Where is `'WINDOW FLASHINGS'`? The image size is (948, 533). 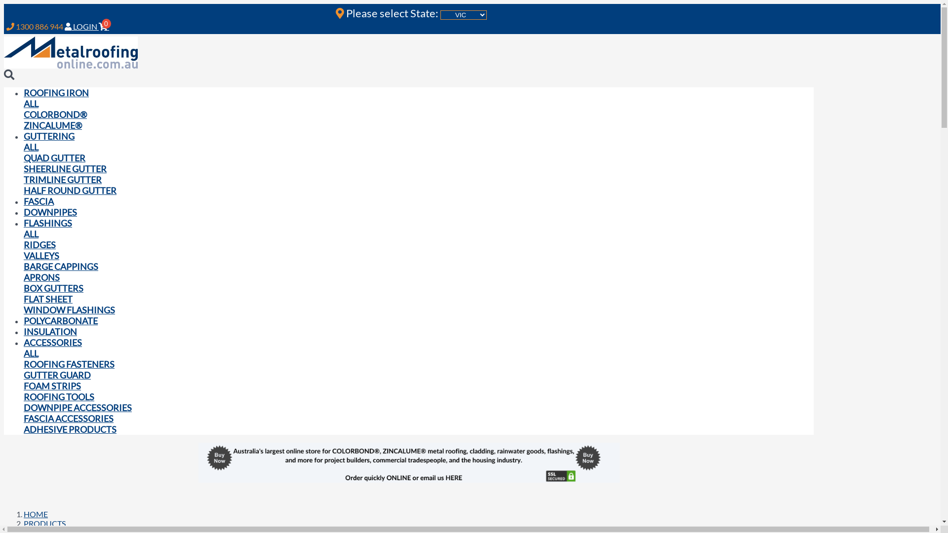
'WINDOW FLASHINGS' is located at coordinates (69, 309).